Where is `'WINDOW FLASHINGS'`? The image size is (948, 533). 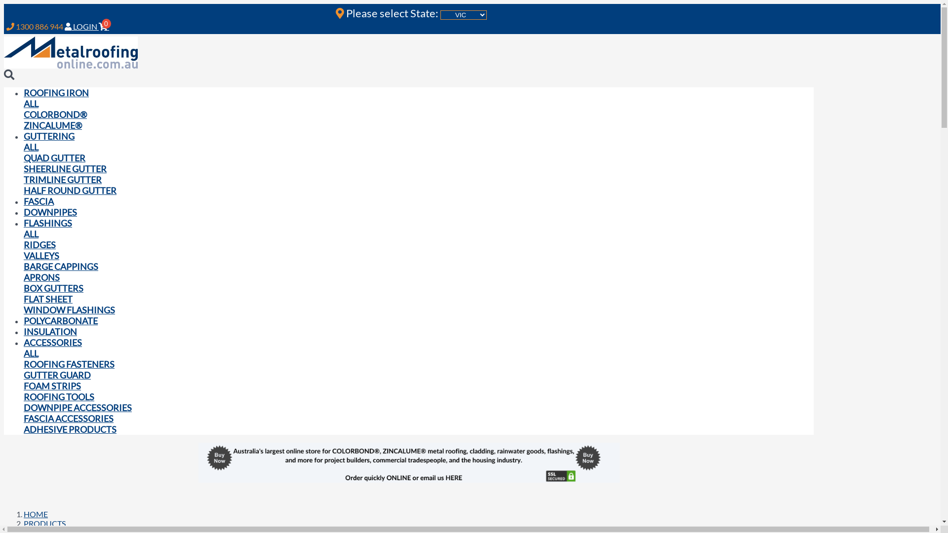
'WINDOW FLASHINGS' is located at coordinates (69, 309).